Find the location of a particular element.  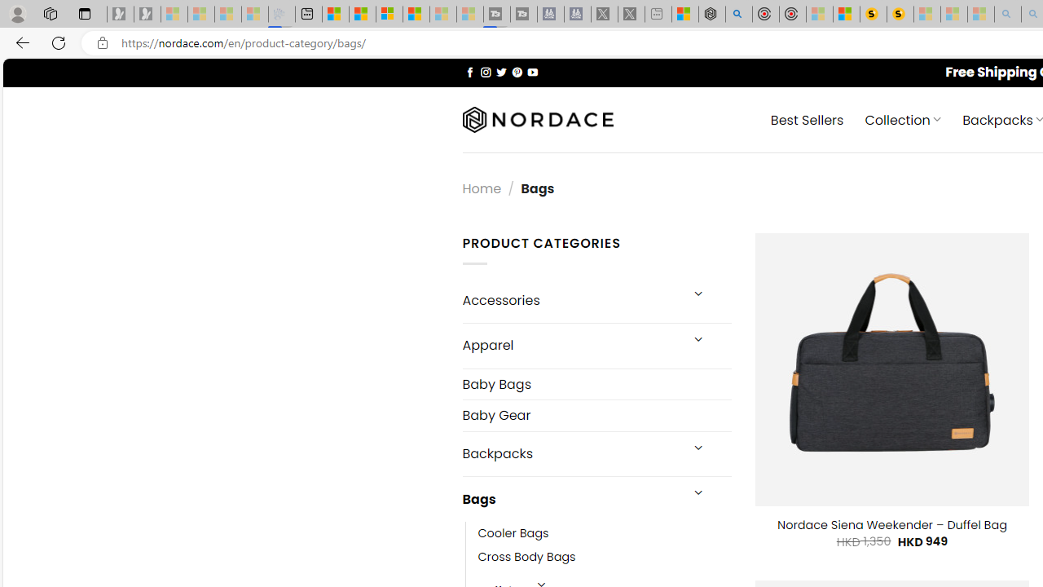

'Workspaces' is located at coordinates (50, 13).